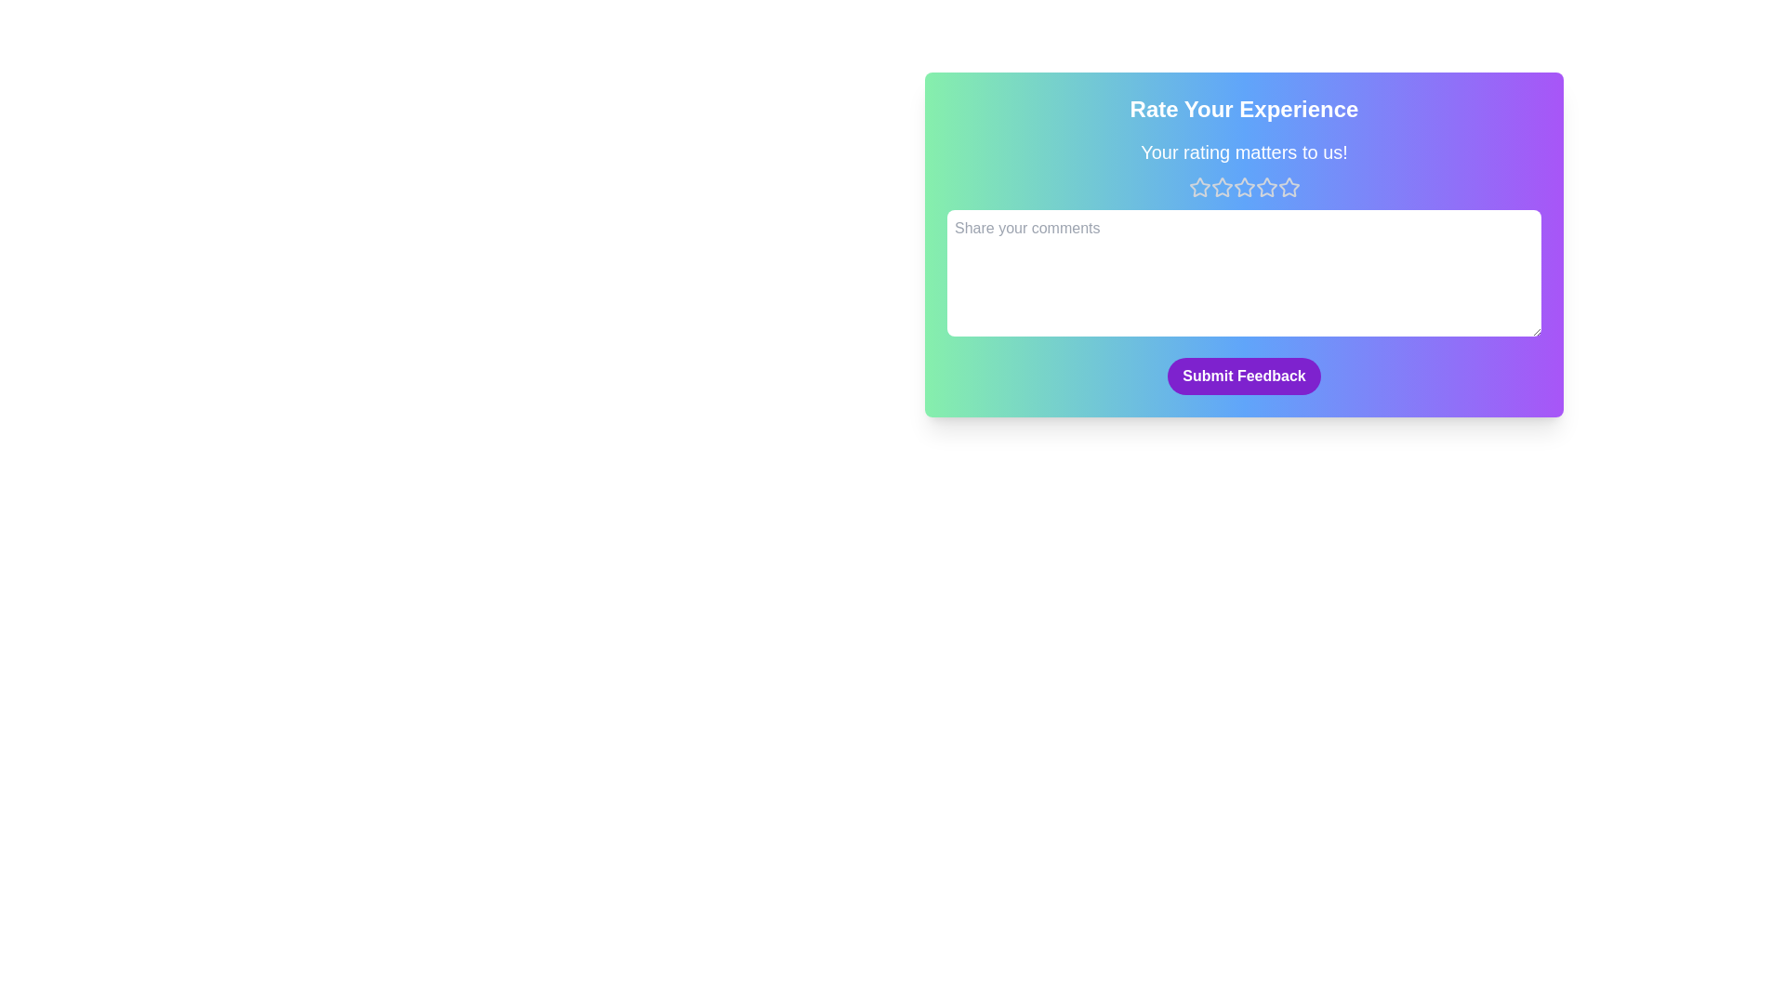 This screenshot has height=1004, width=1785. Describe the element at coordinates (1199, 187) in the screenshot. I see `the star corresponding to the desired rating value 1` at that location.